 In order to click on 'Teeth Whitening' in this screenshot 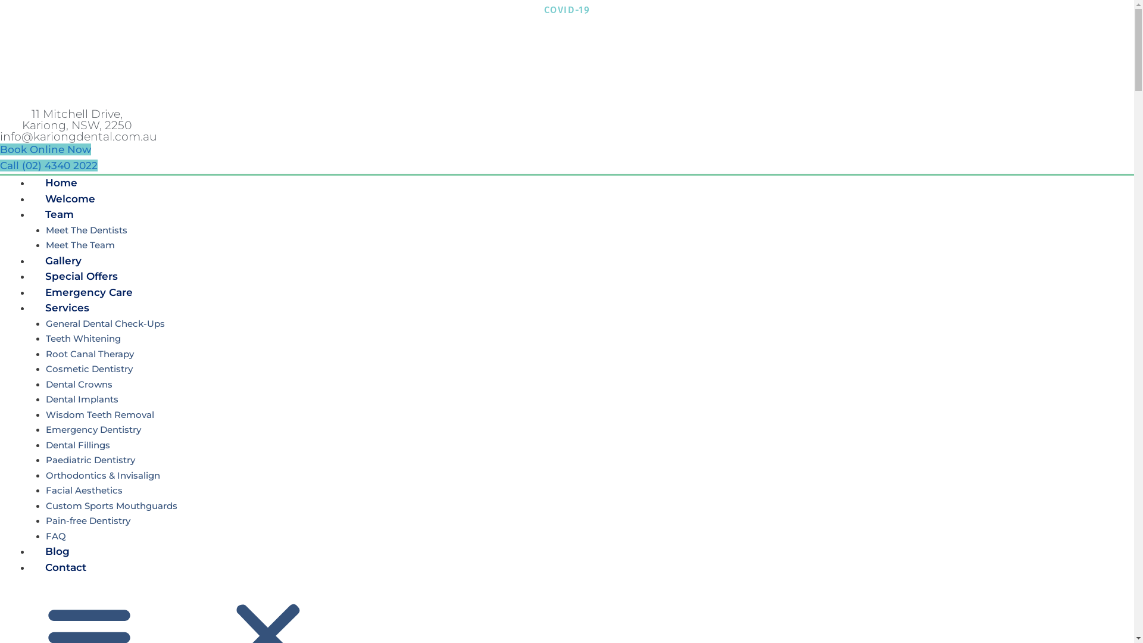, I will do `click(82, 338)`.